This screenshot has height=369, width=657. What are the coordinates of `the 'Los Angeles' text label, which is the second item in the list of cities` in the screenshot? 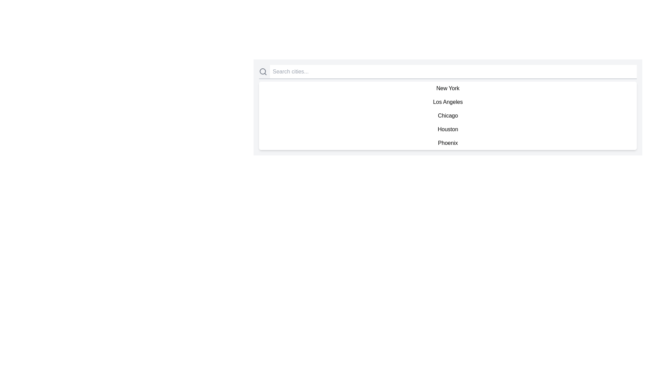 It's located at (448, 102).